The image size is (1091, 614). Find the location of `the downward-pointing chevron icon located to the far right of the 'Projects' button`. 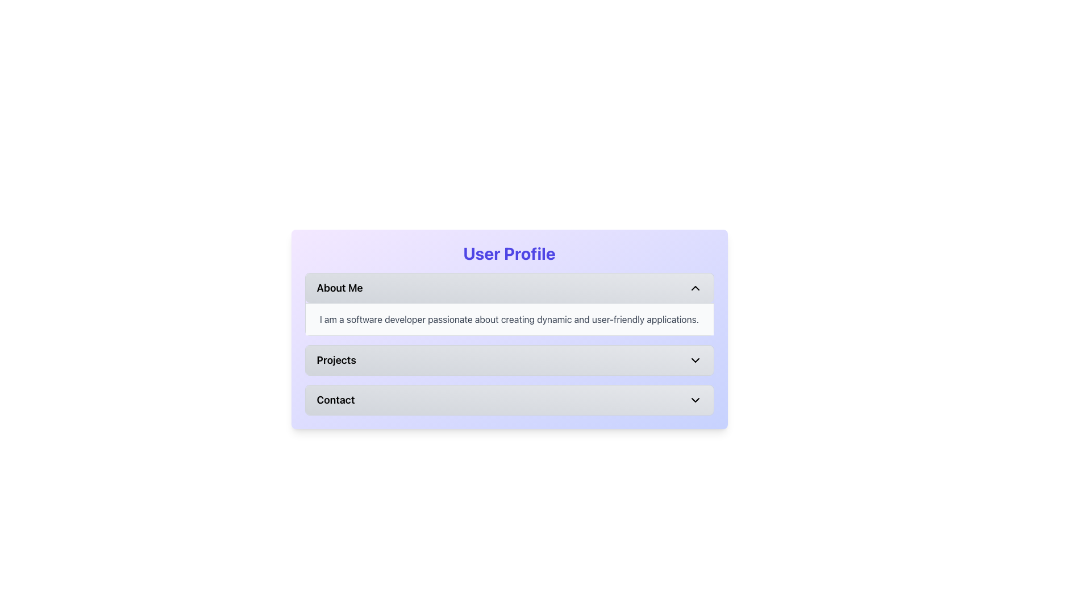

the downward-pointing chevron icon located to the far right of the 'Projects' button is located at coordinates (694, 360).